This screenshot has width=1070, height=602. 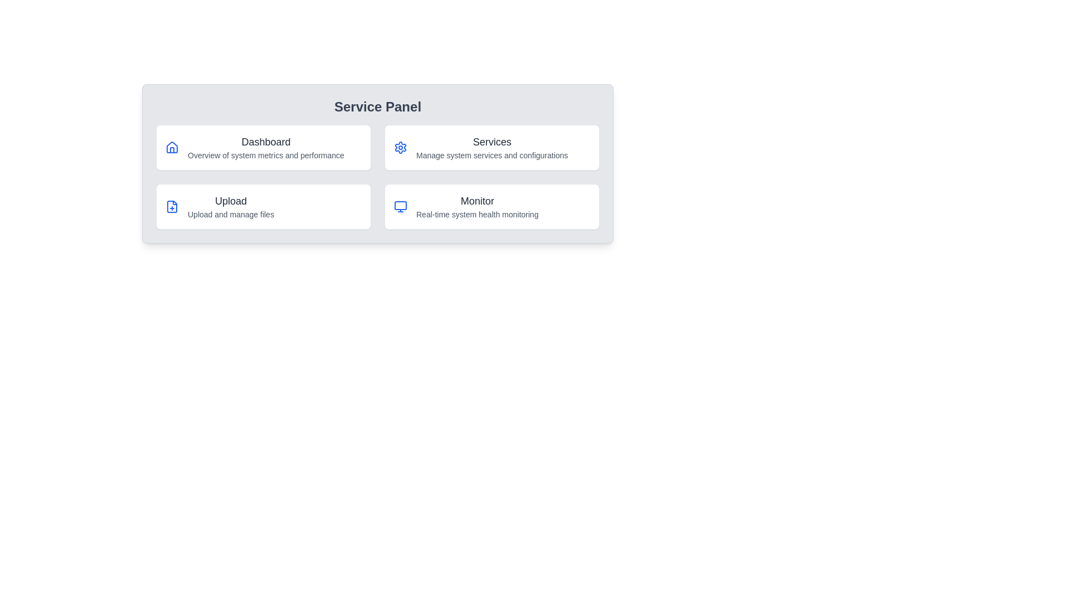 I want to click on the decorative graphical element that represents the upper section of the SVG monitor icon located at the bottom-right of the Service Panel within the 'Monitor' card, so click(x=401, y=206).